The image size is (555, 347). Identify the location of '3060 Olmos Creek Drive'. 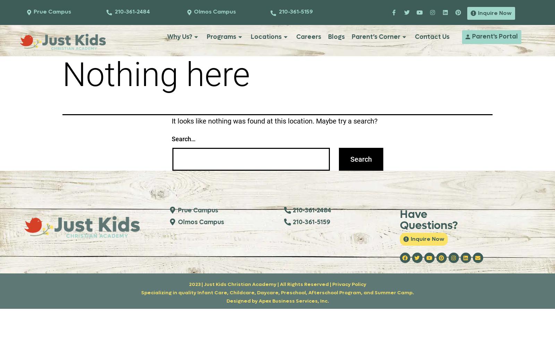
(282, 70).